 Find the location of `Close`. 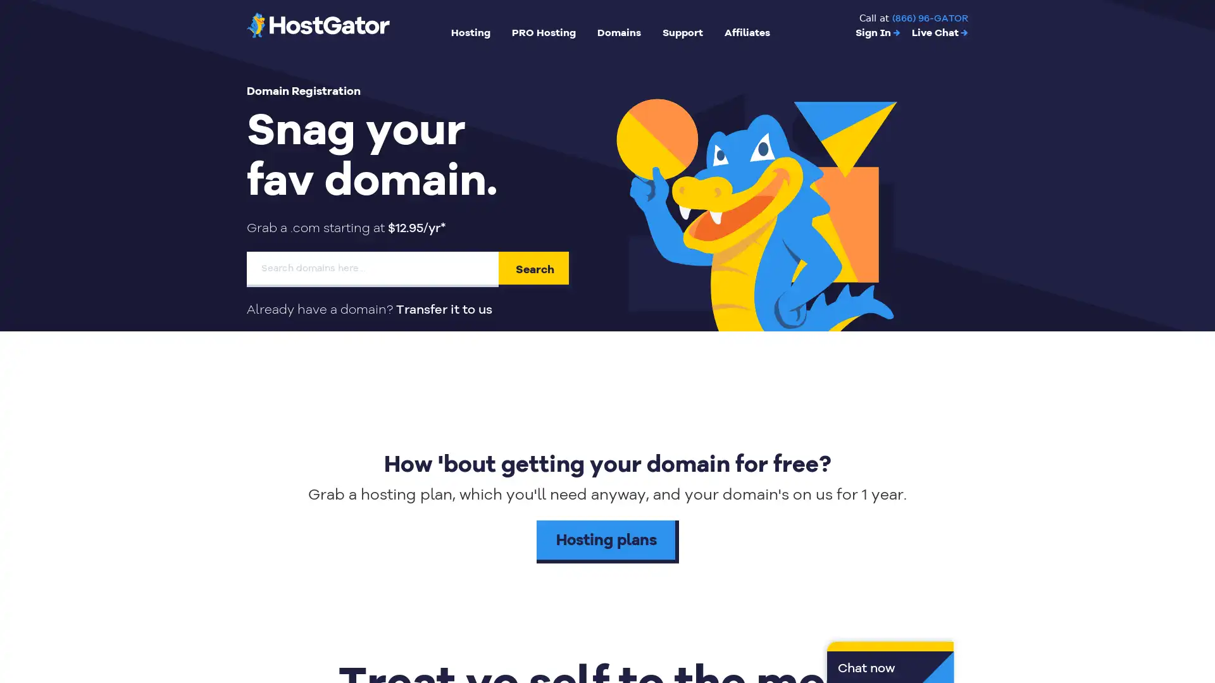

Close is located at coordinates (231, 474).